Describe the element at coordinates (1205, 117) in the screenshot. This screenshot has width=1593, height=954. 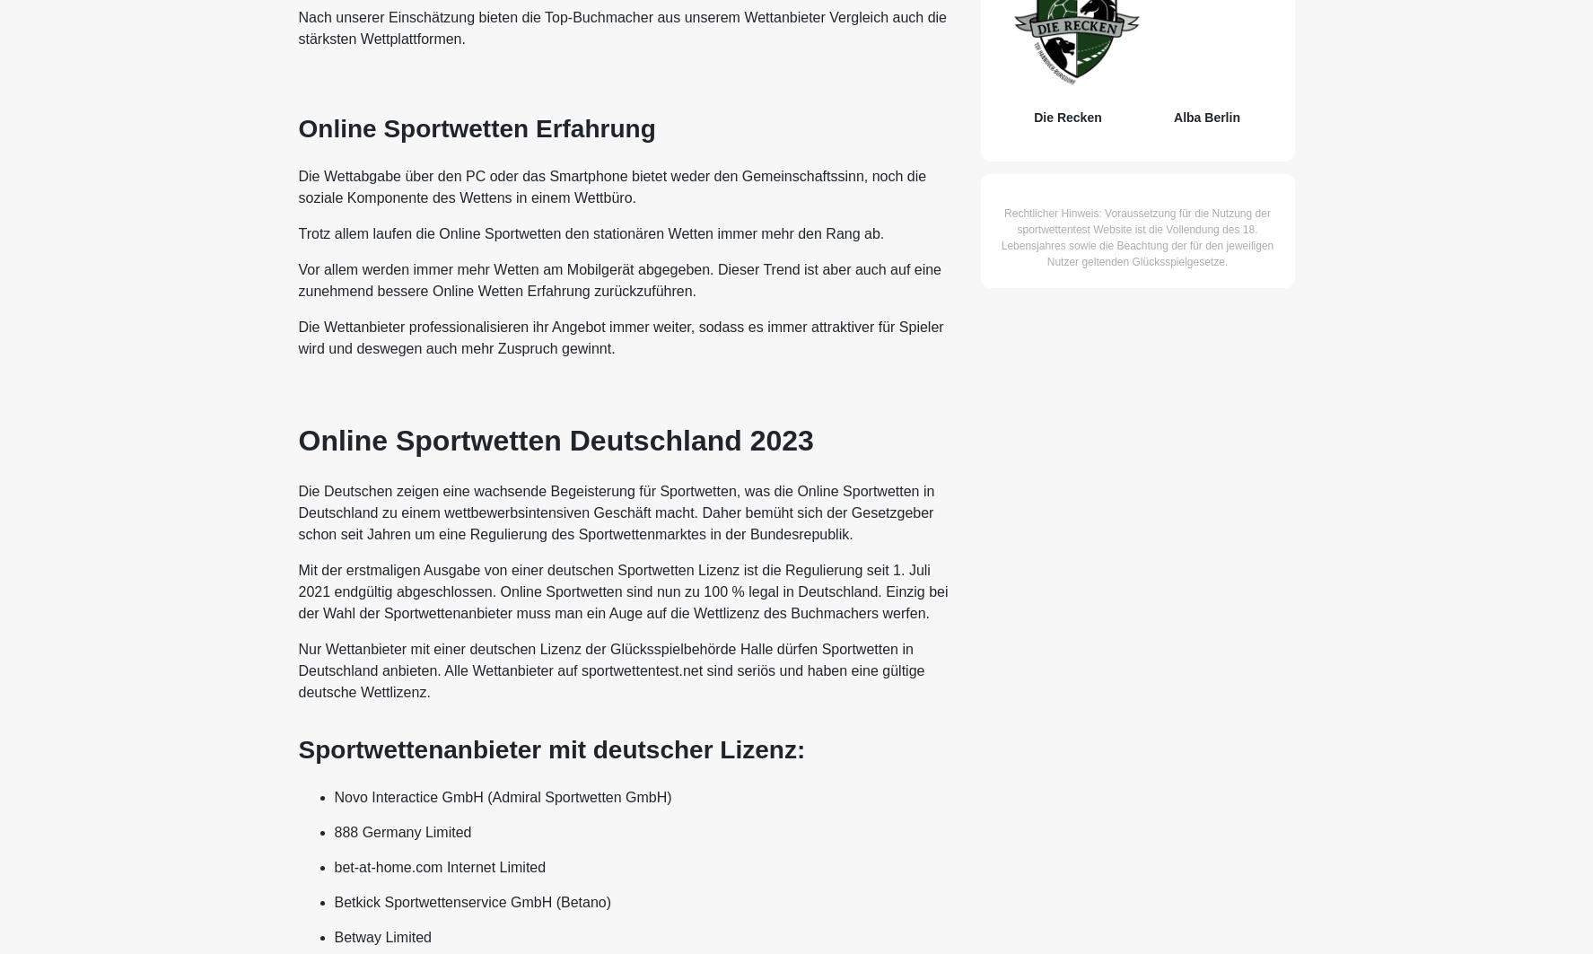
I see `'Alba Berlin'` at that location.